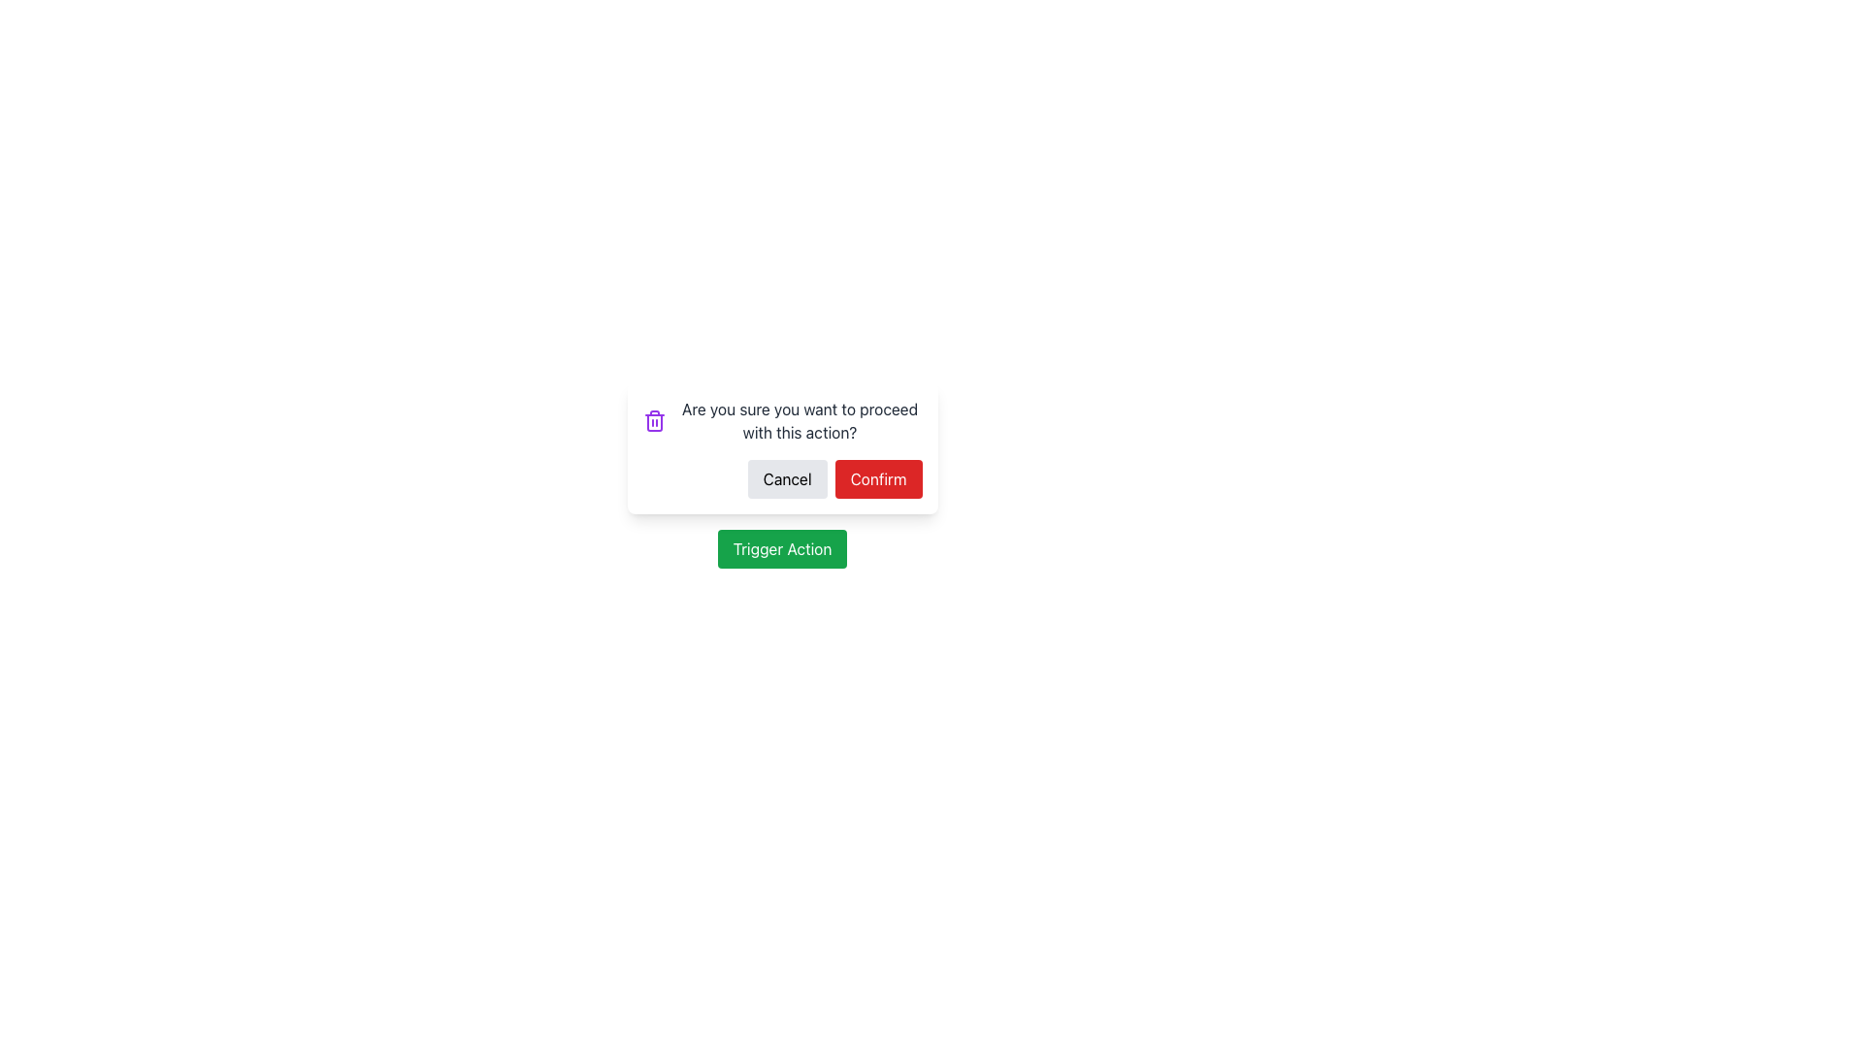  I want to click on the Modal Dialog to provide additional visual context by clicking on it, so click(782, 475).